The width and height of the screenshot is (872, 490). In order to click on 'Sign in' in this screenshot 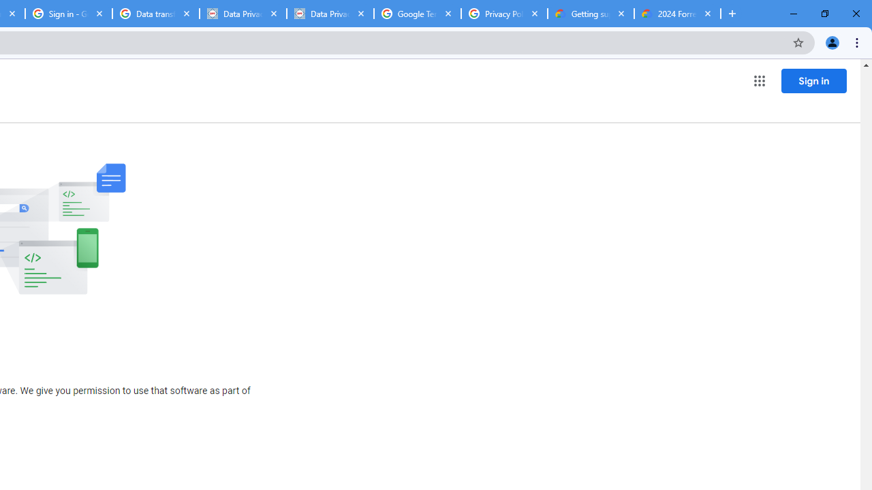, I will do `click(813, 80)`.